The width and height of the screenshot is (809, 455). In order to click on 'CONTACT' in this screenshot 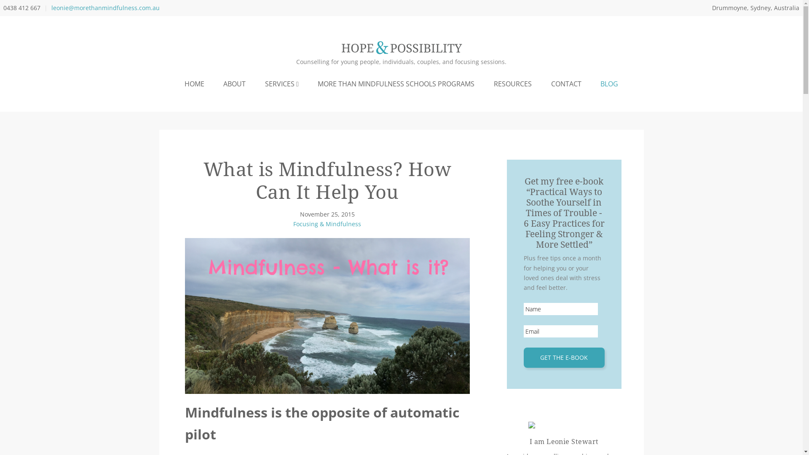, I will do `click(566, 83)`.